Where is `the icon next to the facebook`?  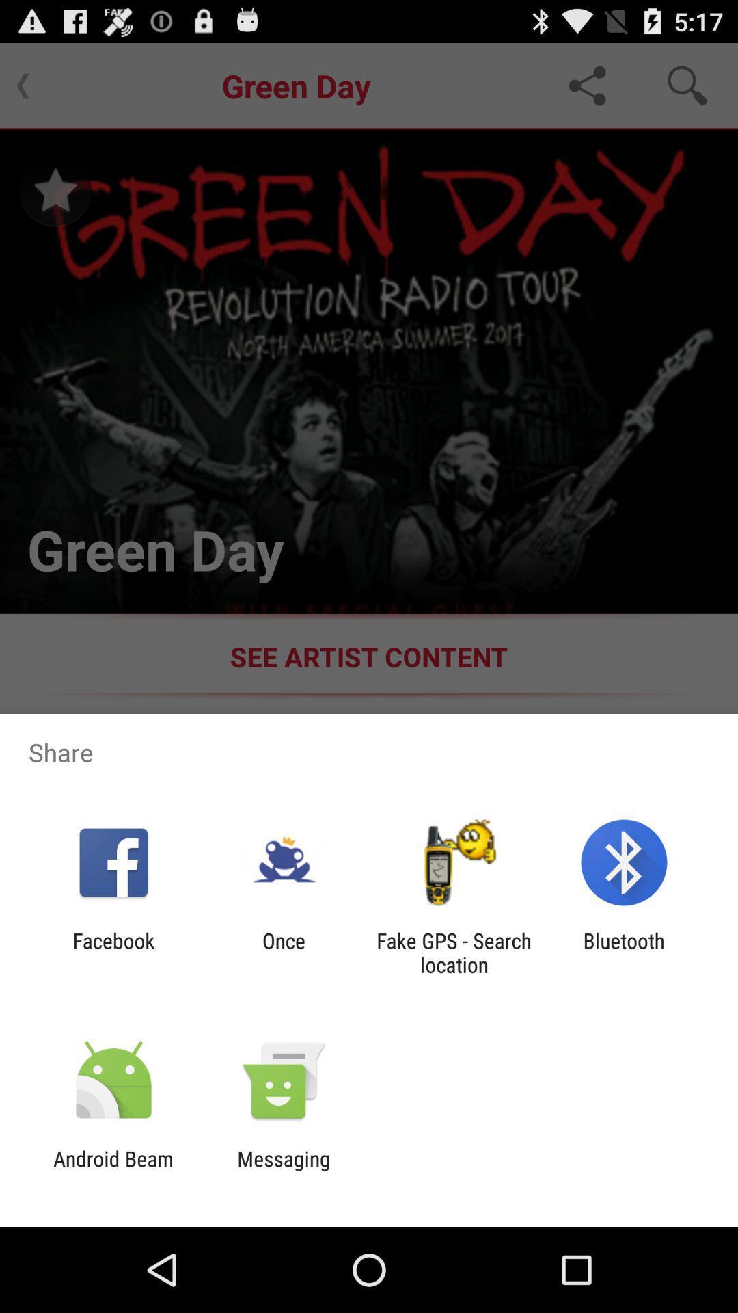
the icon next to the facebook is located at coordinates (283, 952).